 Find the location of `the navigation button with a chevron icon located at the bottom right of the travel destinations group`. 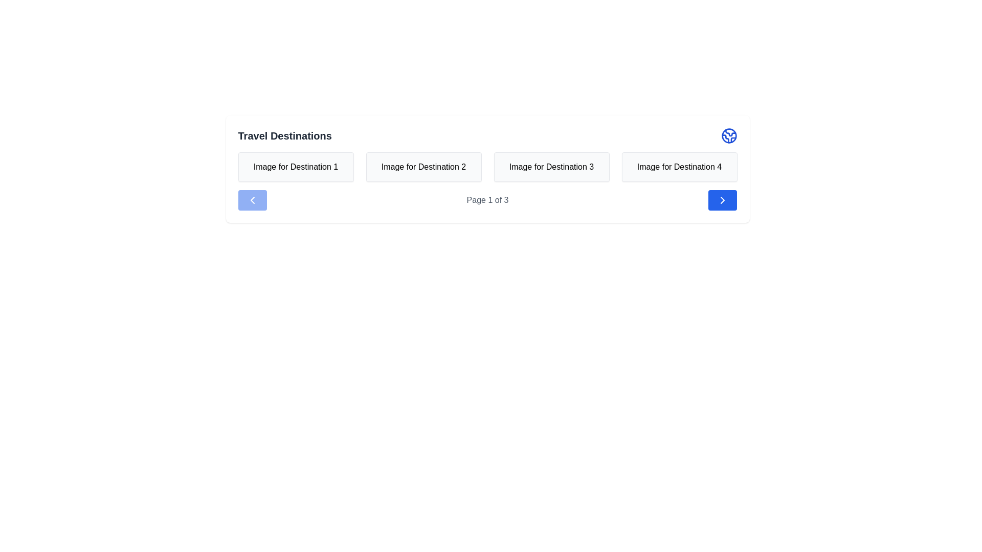

the navigation button with a chevron icon located at the bottom right of the travel destinations group is located at coordinates (722, 200).